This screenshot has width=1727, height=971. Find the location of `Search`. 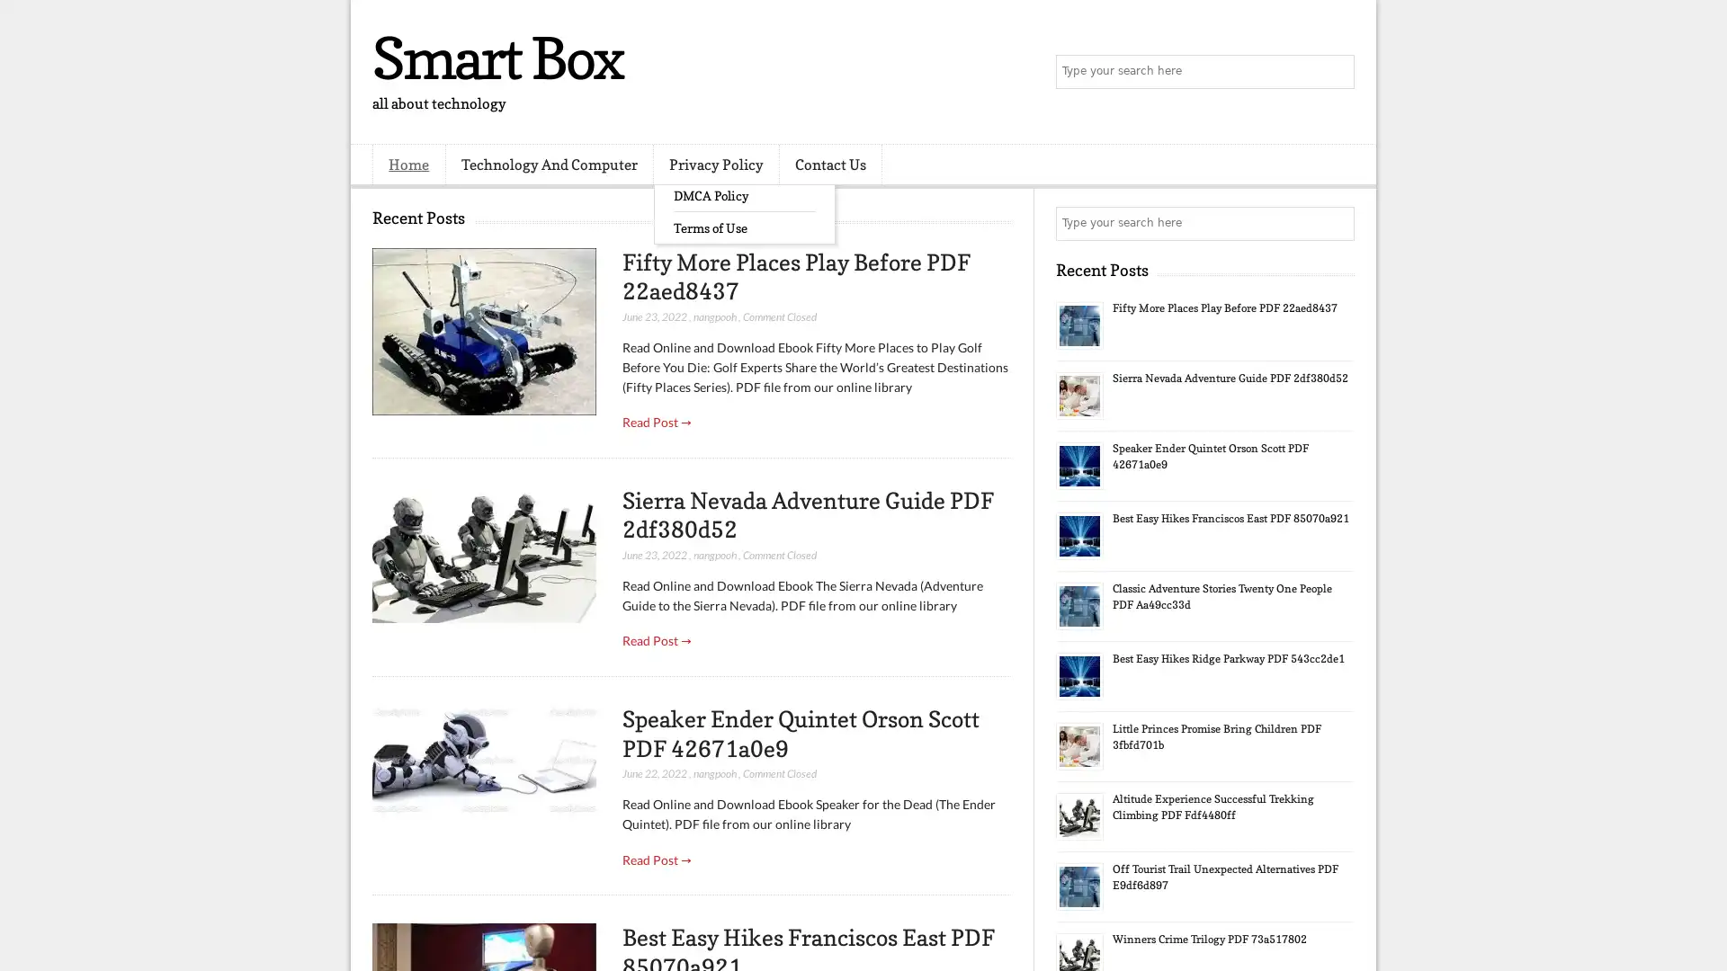

Search is located at coordinates (1336, 72).